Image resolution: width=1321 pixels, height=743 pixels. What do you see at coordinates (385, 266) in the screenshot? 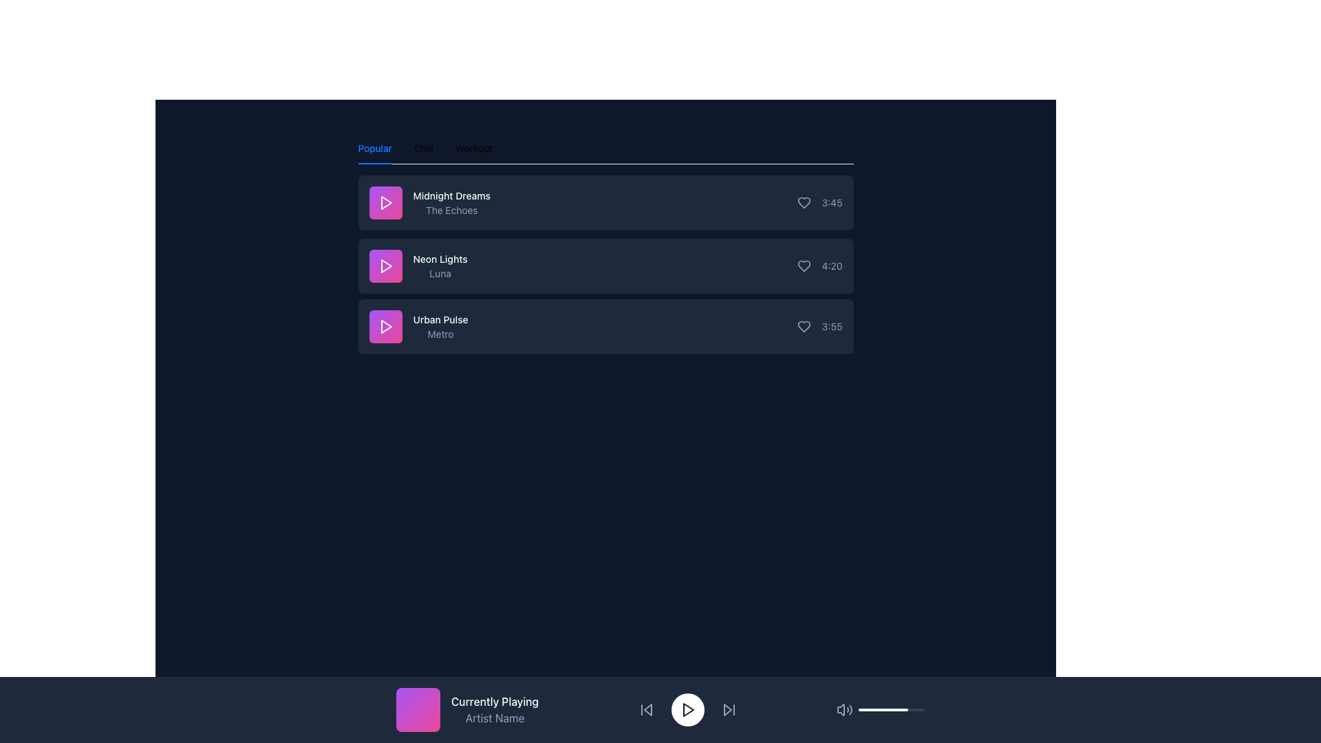
I see `the play icon, which is a bordered white triangle pointing to the right, located at the center of a purple-to-pink gradient circular background, next to the text 'Neon Lights'` at bounding box center [385, 266].